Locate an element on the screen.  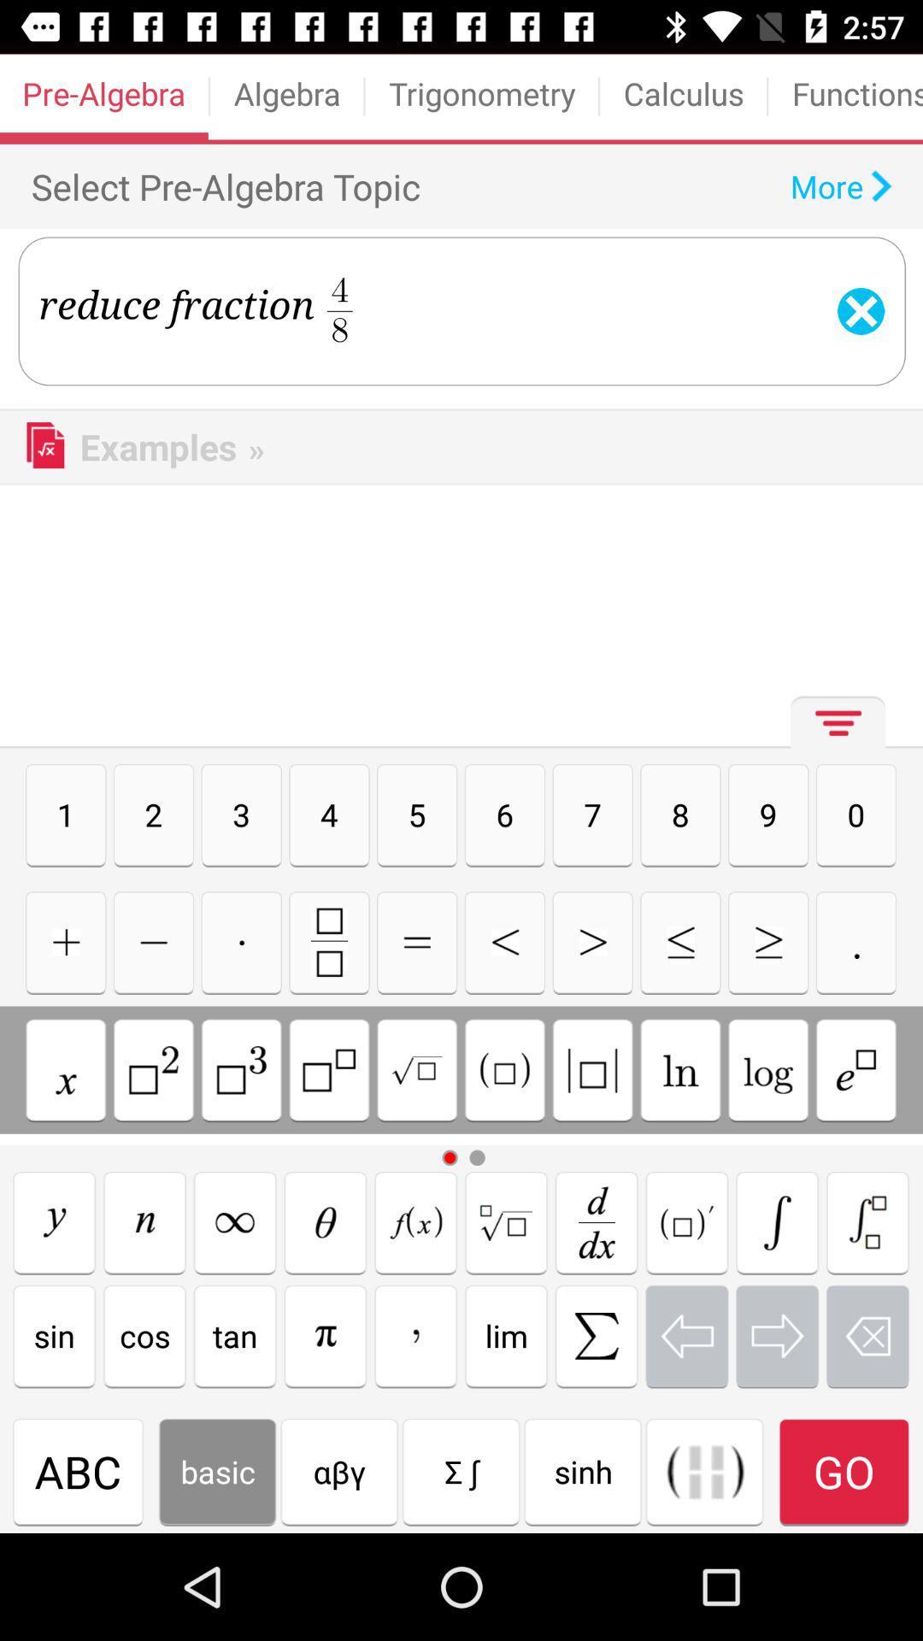
input theta symbol is located at coordinates (326, 1221).